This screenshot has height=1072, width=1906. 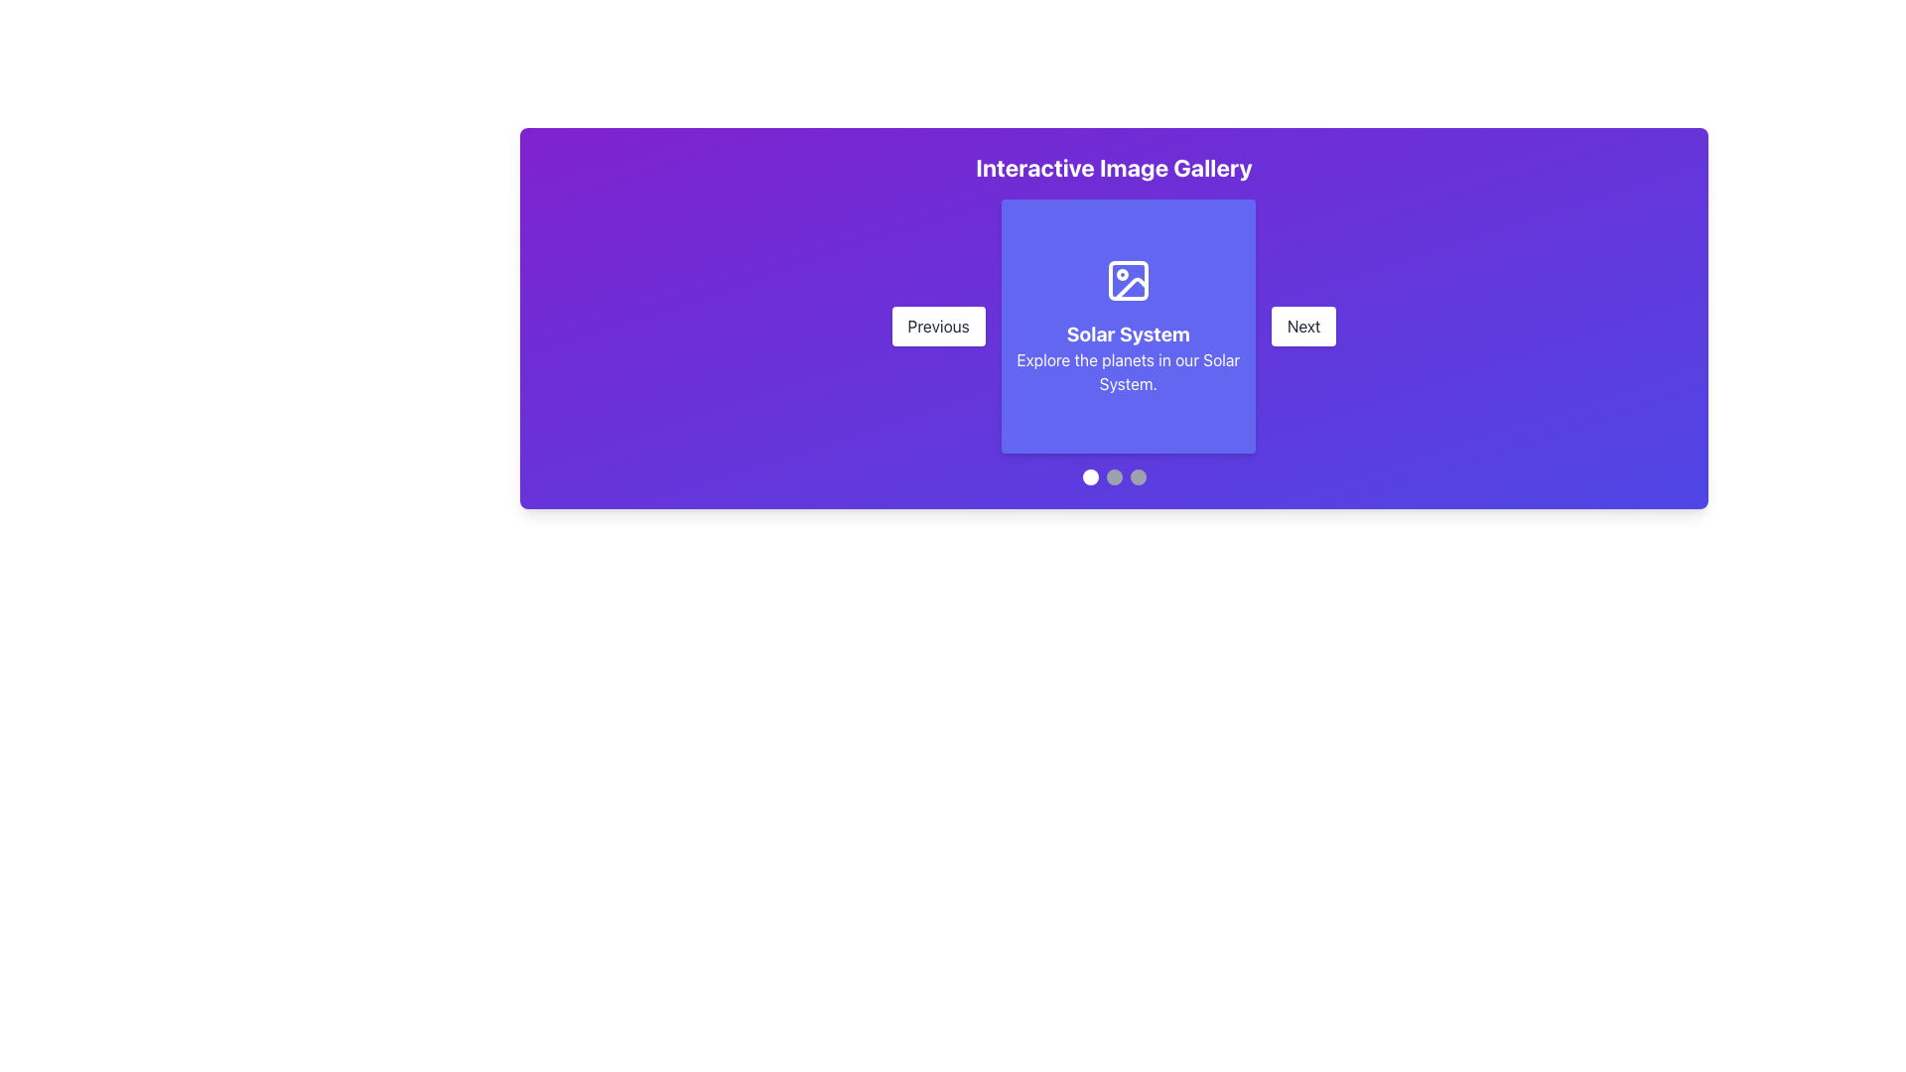 What do you see at coordinates (937, 325) in the screenshot?
I see `the 'Previous' button, a rectangular white button with black text` at bounding box center [937, 325].